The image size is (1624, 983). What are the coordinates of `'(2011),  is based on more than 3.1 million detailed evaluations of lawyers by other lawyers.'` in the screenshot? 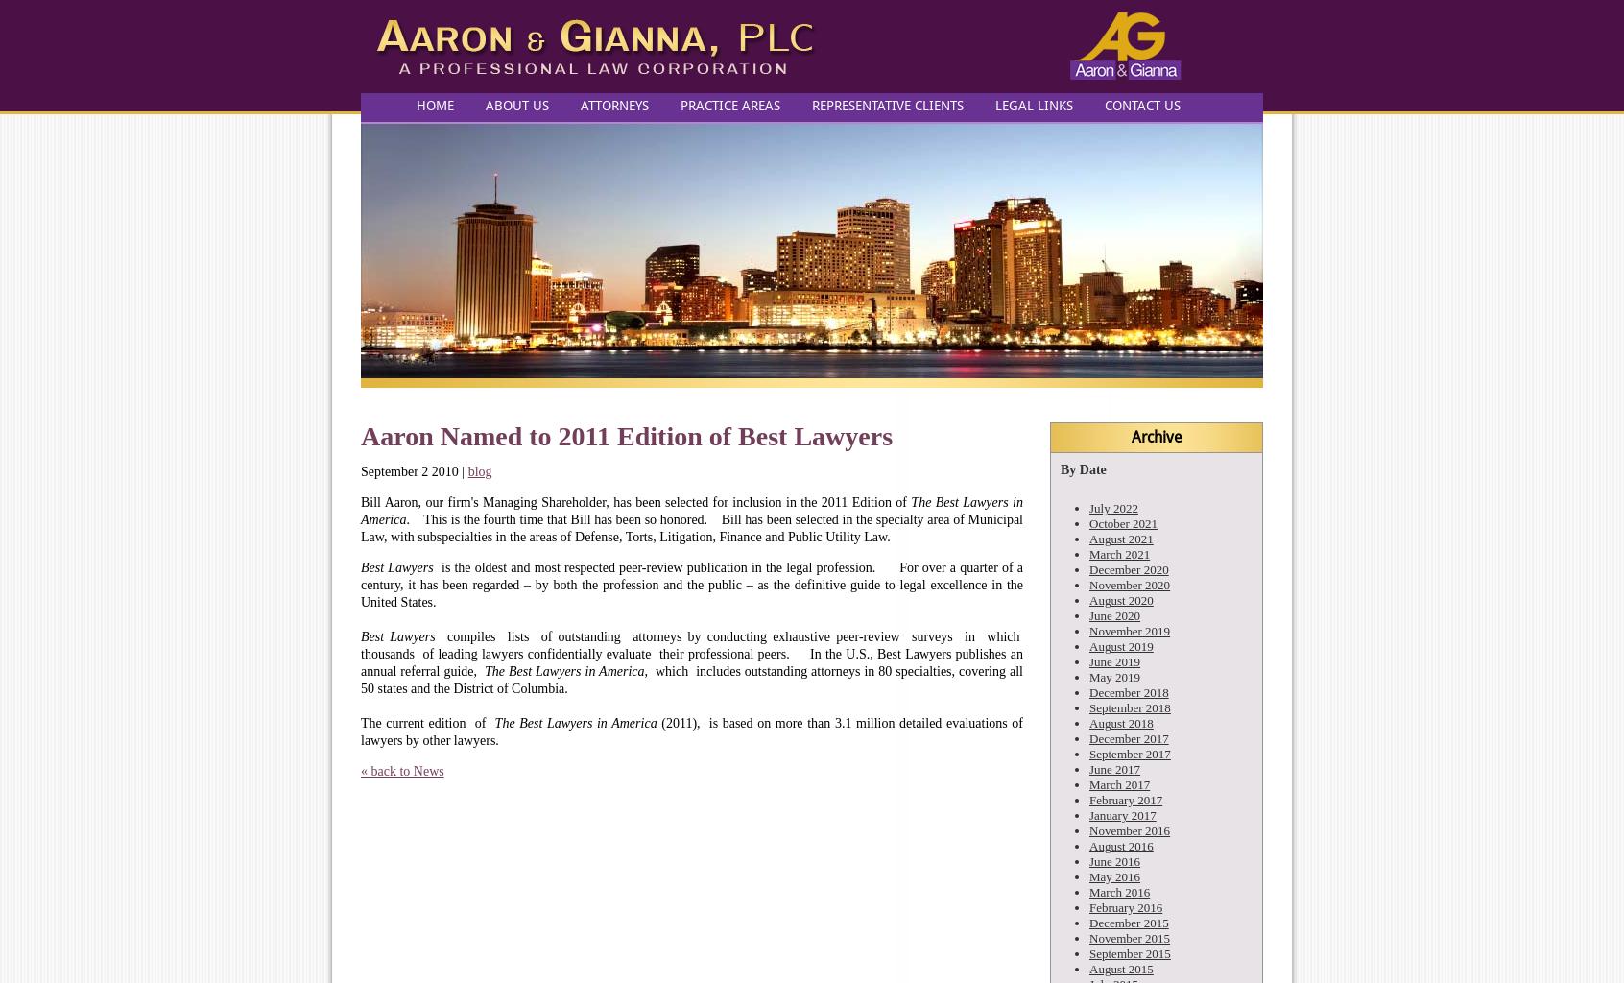 It's located at (690, 730).